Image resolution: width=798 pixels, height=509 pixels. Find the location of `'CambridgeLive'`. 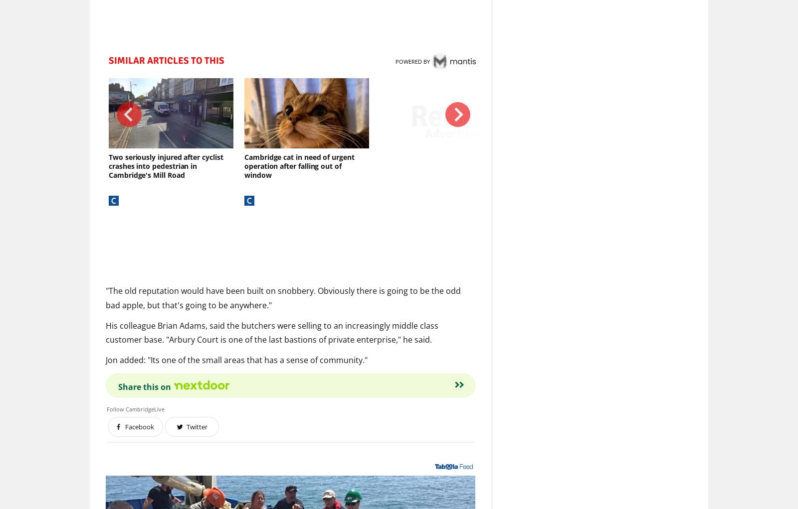

'CambridgeLive' is located at coordinates (145, 408).